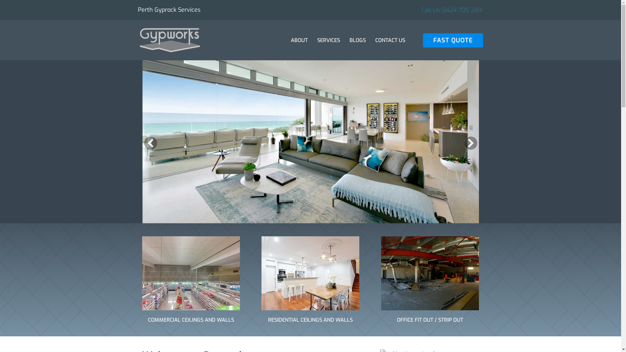  Describe the element at coordinates (329, 40) in the screenshot. I see `'SERVICES'` at that location.